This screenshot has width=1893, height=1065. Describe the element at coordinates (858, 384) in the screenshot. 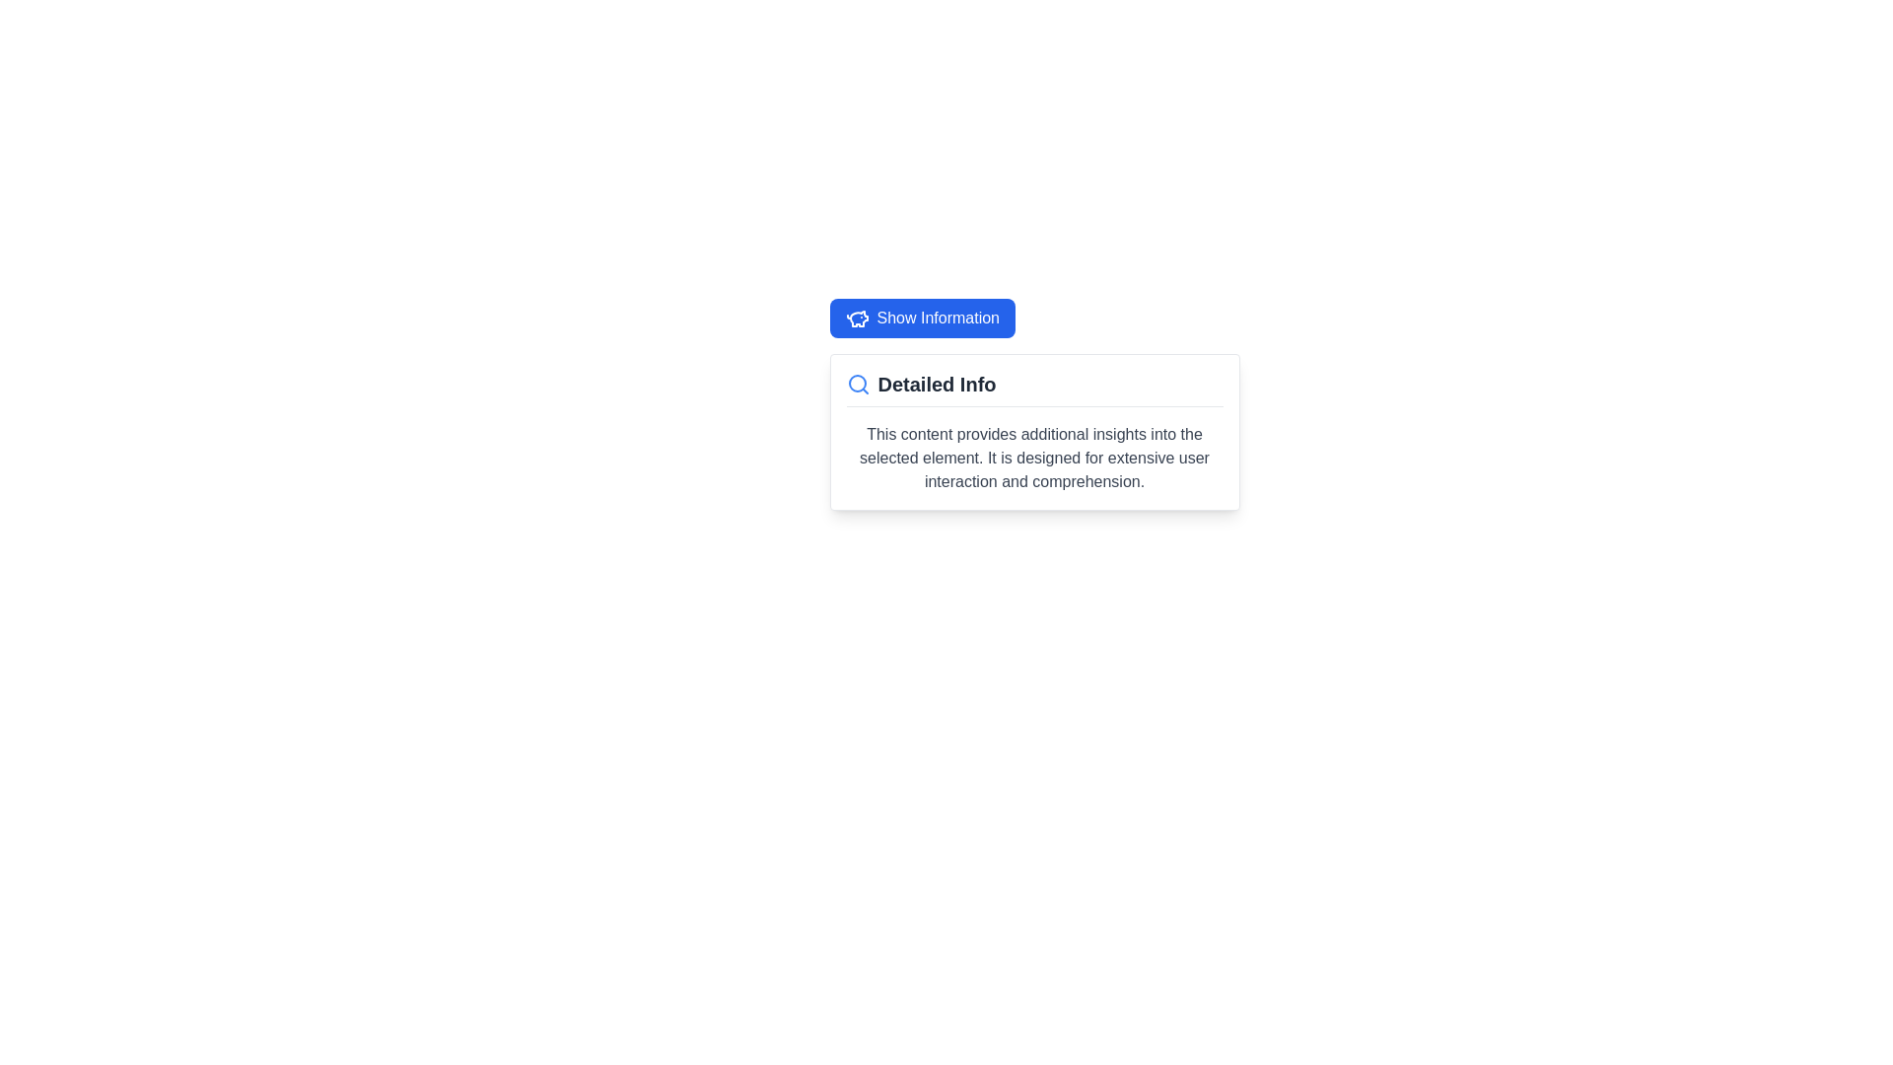

I see `the blue magnifying glass icon located to the left of the 'Detailed Info' text` at that location.